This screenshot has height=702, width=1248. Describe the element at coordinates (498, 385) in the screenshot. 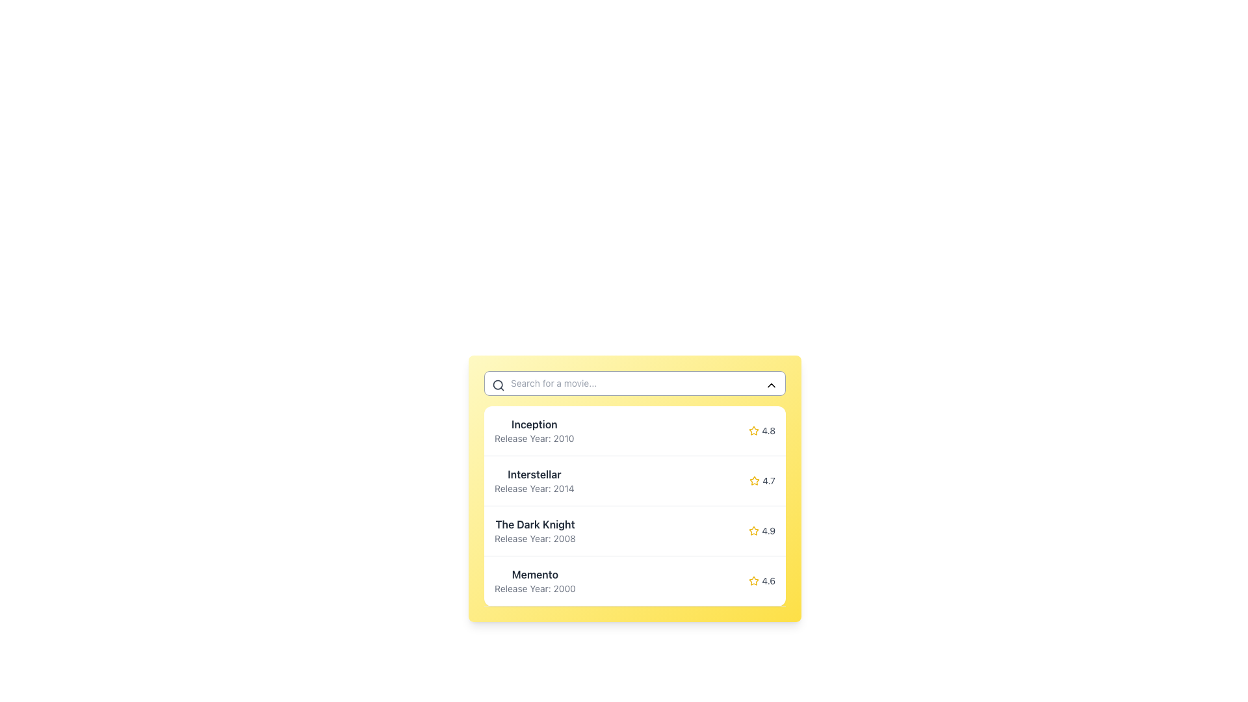

I see `the gray magnifying glass icon located at the far left inside the search bar` at that location.